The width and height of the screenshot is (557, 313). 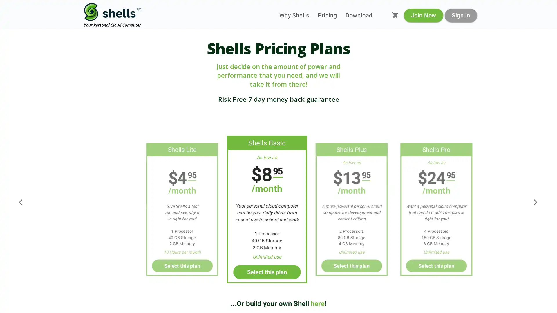 What do you see at coordinates (460, 15) in the screenshot?
I see `Sign in` at bounding box center [460, 15].